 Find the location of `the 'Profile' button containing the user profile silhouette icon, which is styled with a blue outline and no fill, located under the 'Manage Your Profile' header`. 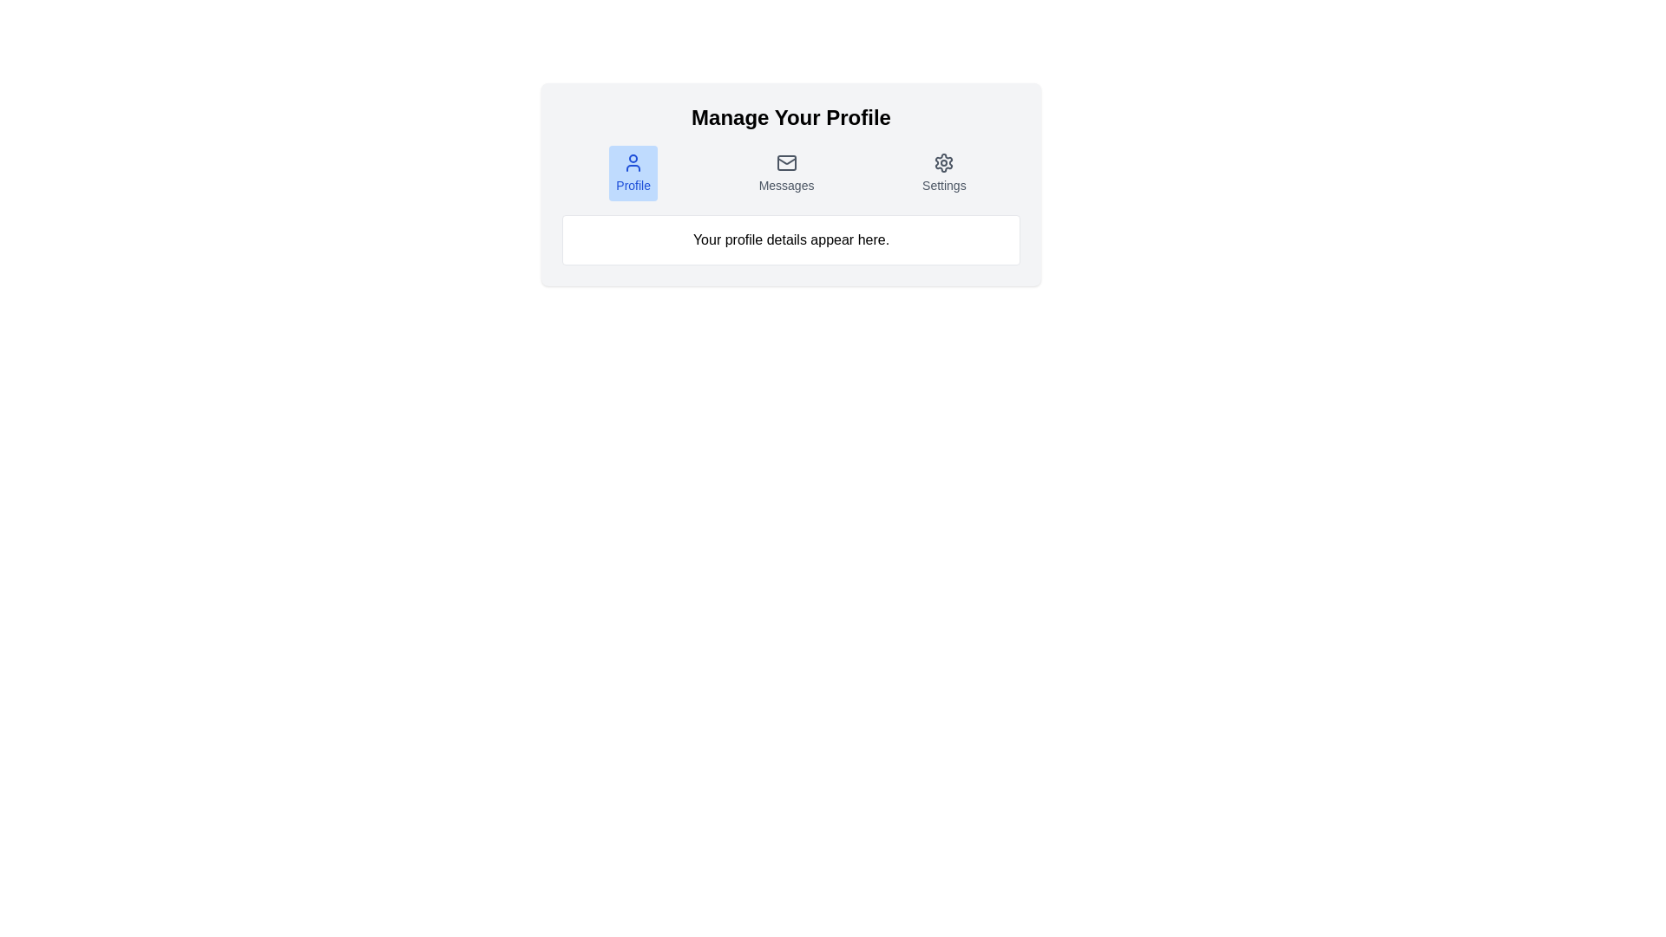

the 'Profile' button containing the user profile silhouette icon, which is styled with a blue outline and no fill, located under the 'Manage Your Profile' header is located at coordinates (633, 163).